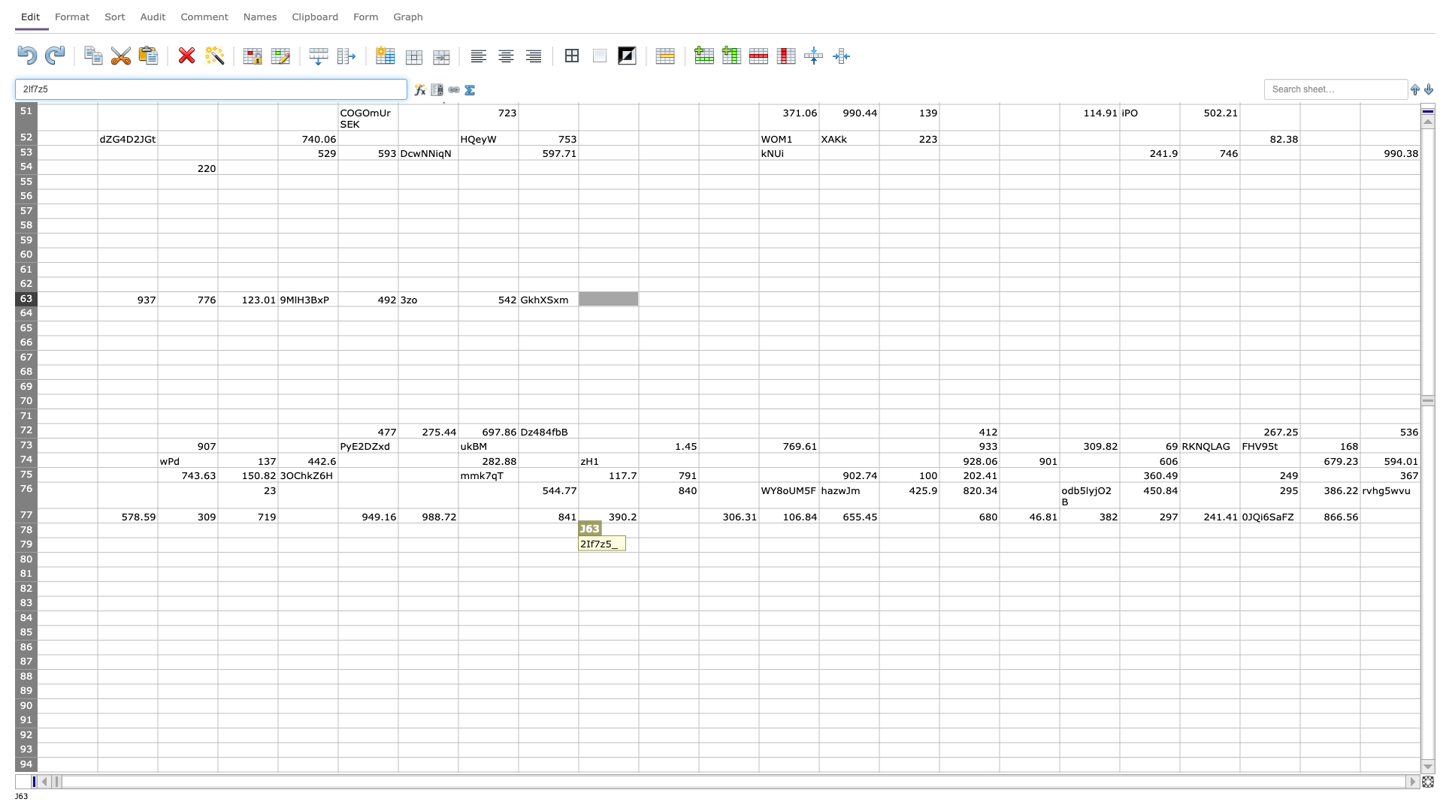 This screenshot has height=811, width=1443. Describe the element at coordinates (698, 537) in the screenshot. I see `top left corner of L79` at that location.